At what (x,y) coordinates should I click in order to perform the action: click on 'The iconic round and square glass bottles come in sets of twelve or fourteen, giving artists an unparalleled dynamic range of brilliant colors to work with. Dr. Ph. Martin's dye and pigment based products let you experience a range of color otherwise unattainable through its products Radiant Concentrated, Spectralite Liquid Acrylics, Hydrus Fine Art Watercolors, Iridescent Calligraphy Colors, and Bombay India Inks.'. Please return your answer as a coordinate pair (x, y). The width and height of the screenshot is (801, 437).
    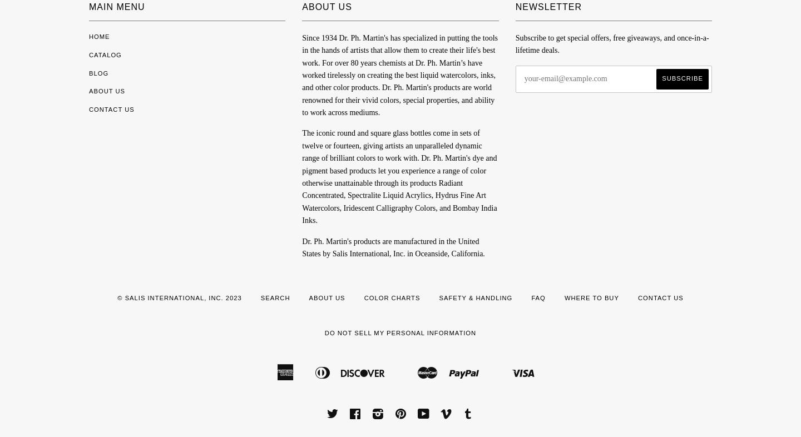
    Looking at the image, I should click on (399, 177).